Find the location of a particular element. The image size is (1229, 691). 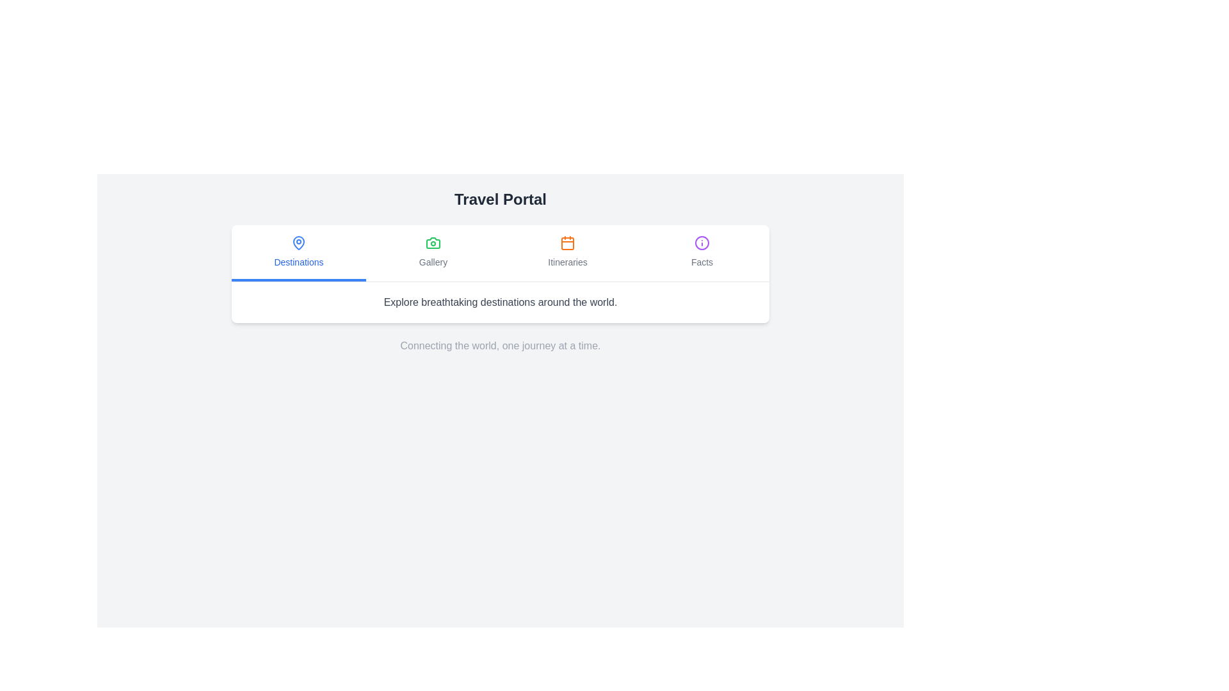

the icon located in the top-right segment of the navigation bar is located at coordinates (702, 243).